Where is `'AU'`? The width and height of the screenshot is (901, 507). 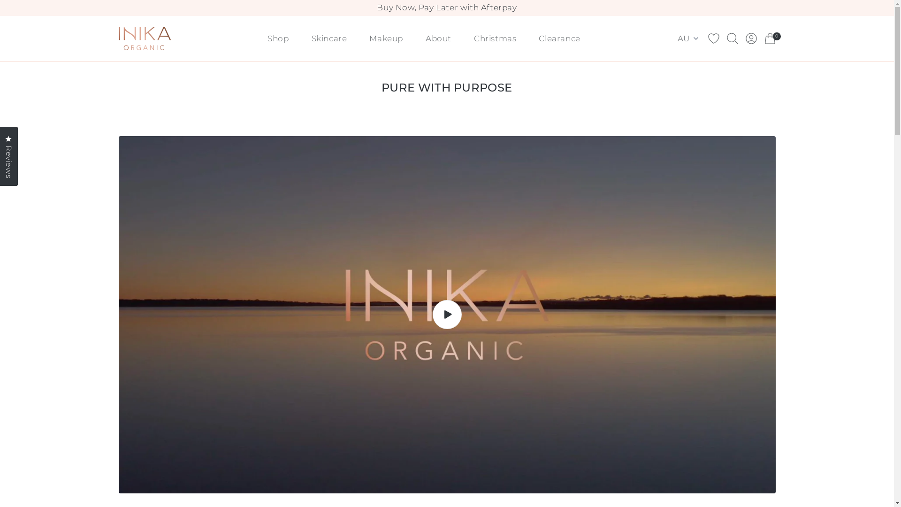
'AU' is located at coordinates (689, 38).